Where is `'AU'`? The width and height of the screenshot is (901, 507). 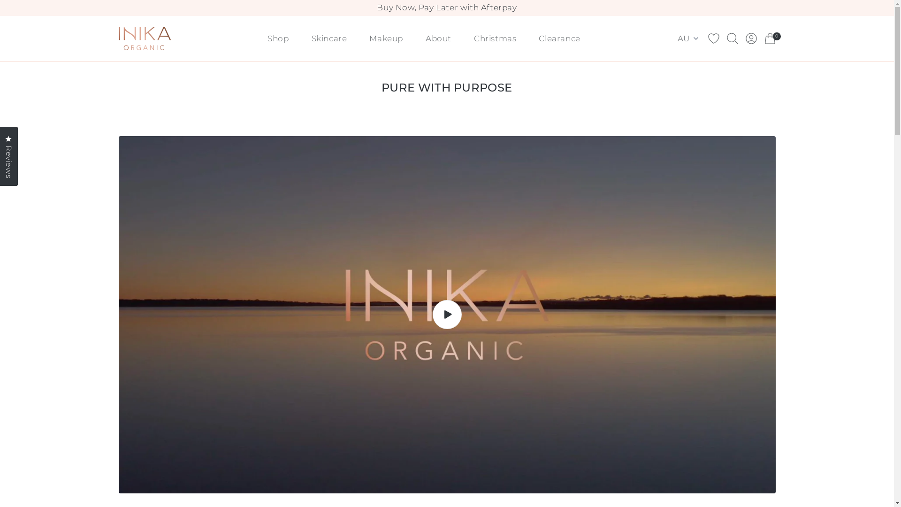
'AU' is located at coordinates (689, 38).